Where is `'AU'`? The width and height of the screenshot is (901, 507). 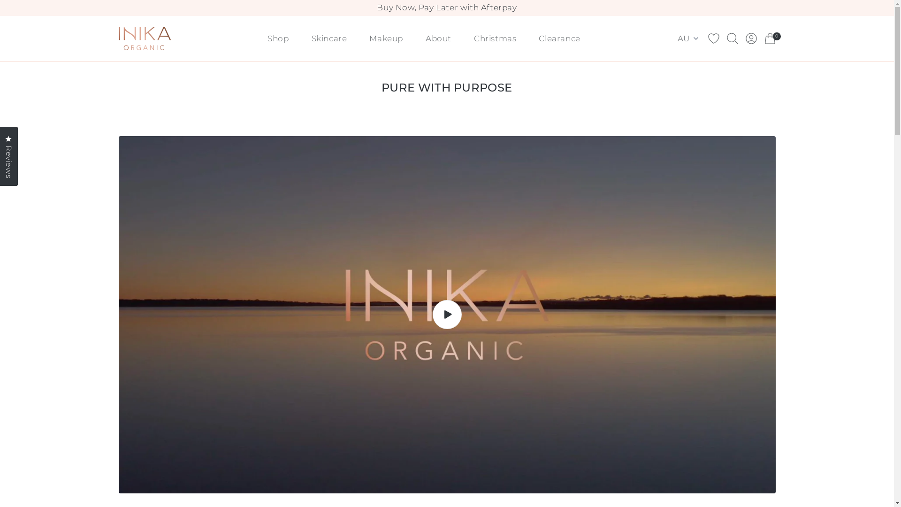
'AU' is located at coordinates (689, 38).